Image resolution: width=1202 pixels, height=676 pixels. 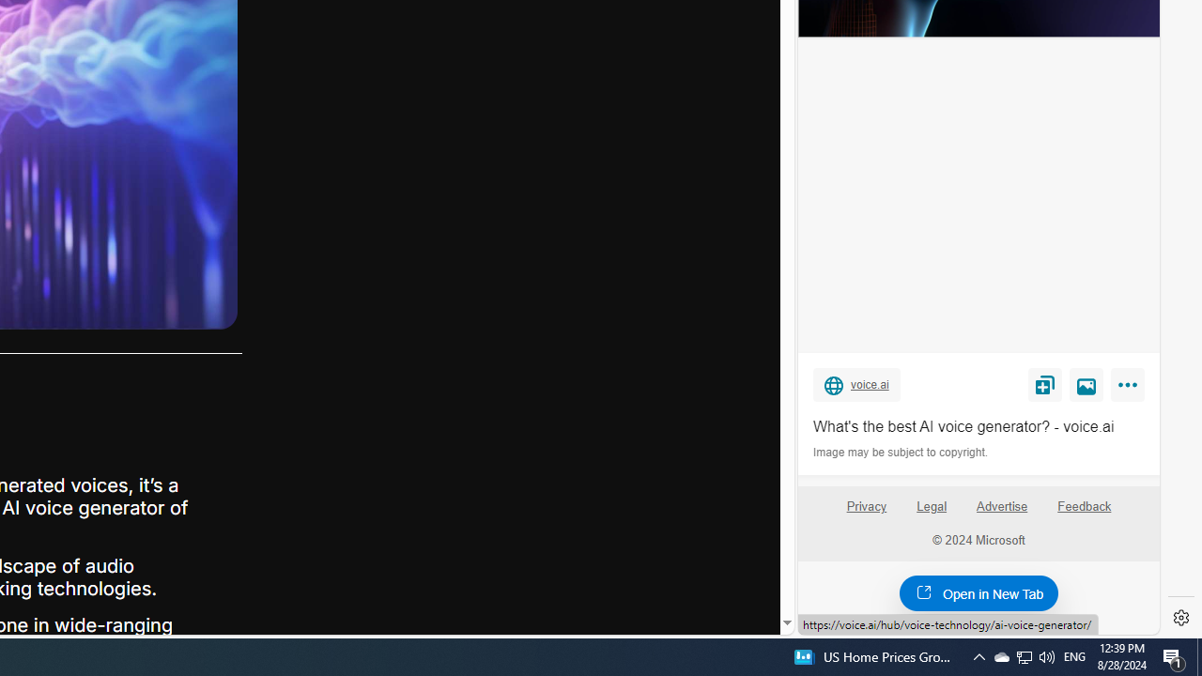 What do you see at coordinates (1001, 514) in the screenshot?
I see `'Advertise'` at bounding box center [1001, 514].